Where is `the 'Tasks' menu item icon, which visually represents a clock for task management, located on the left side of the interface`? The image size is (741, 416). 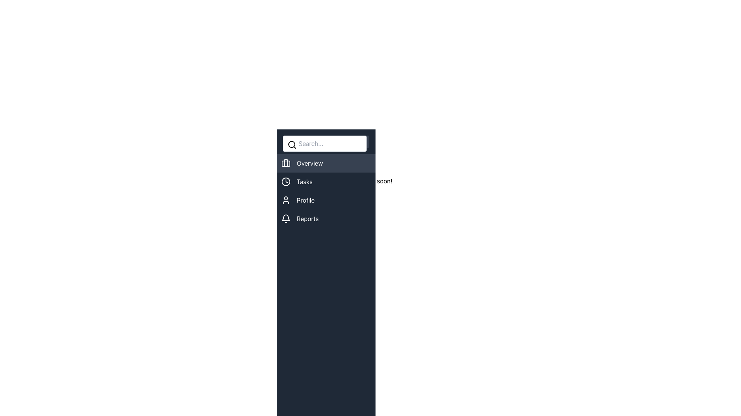 the 'Tasks' menu item icon, which visually represents a clock for task management, located on the left side of the interface is located at coordinates (285, 181).